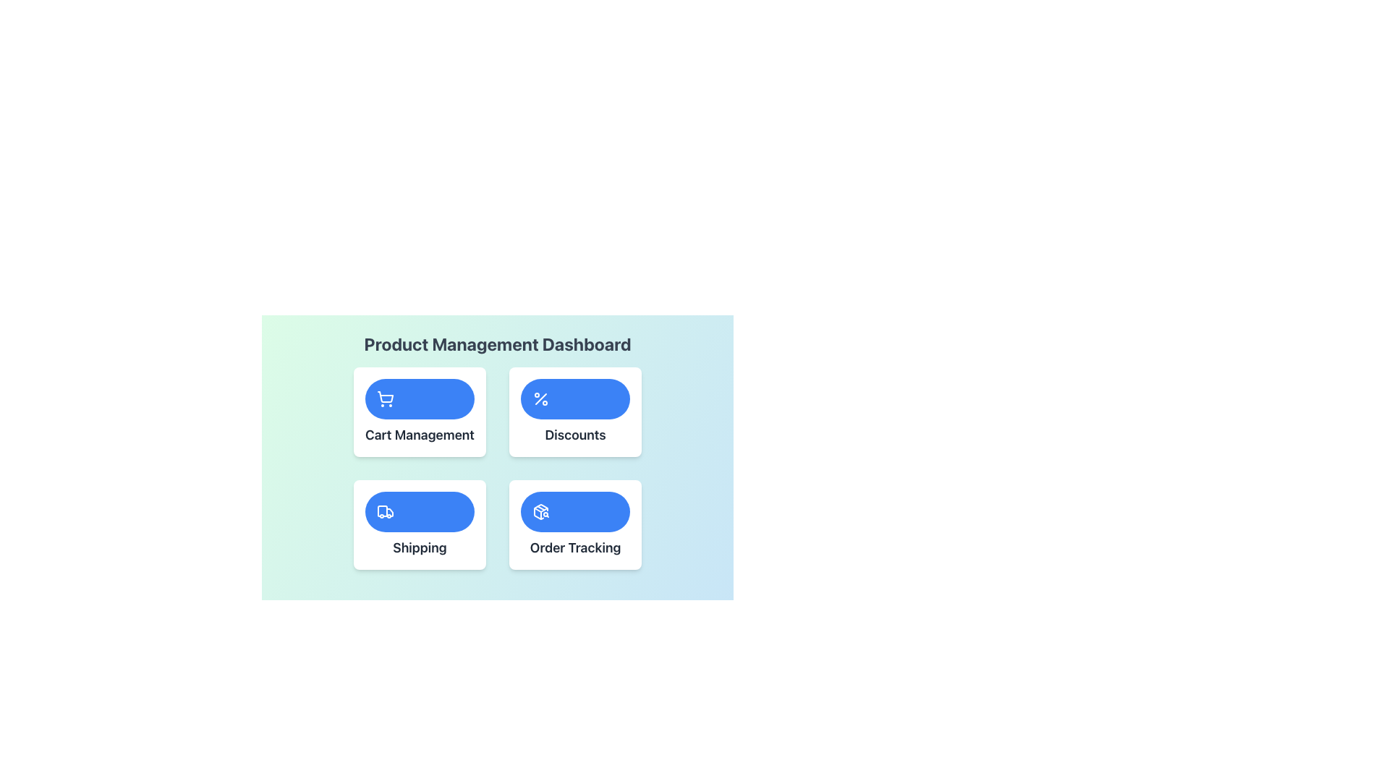 The image size is (1389, 781). I want to click on the 'Order Tracking' button located at the bottom-right of the grid layout, which features a rounded blue background with a white package icon and magnifying glass, followed by bold text, so click(574, 524).